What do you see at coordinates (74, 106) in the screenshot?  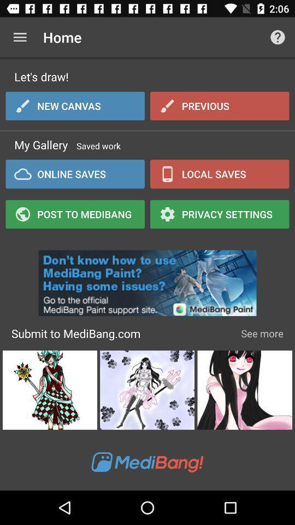 I see `icon below let's draw! item` at bounding box center [74, 106].